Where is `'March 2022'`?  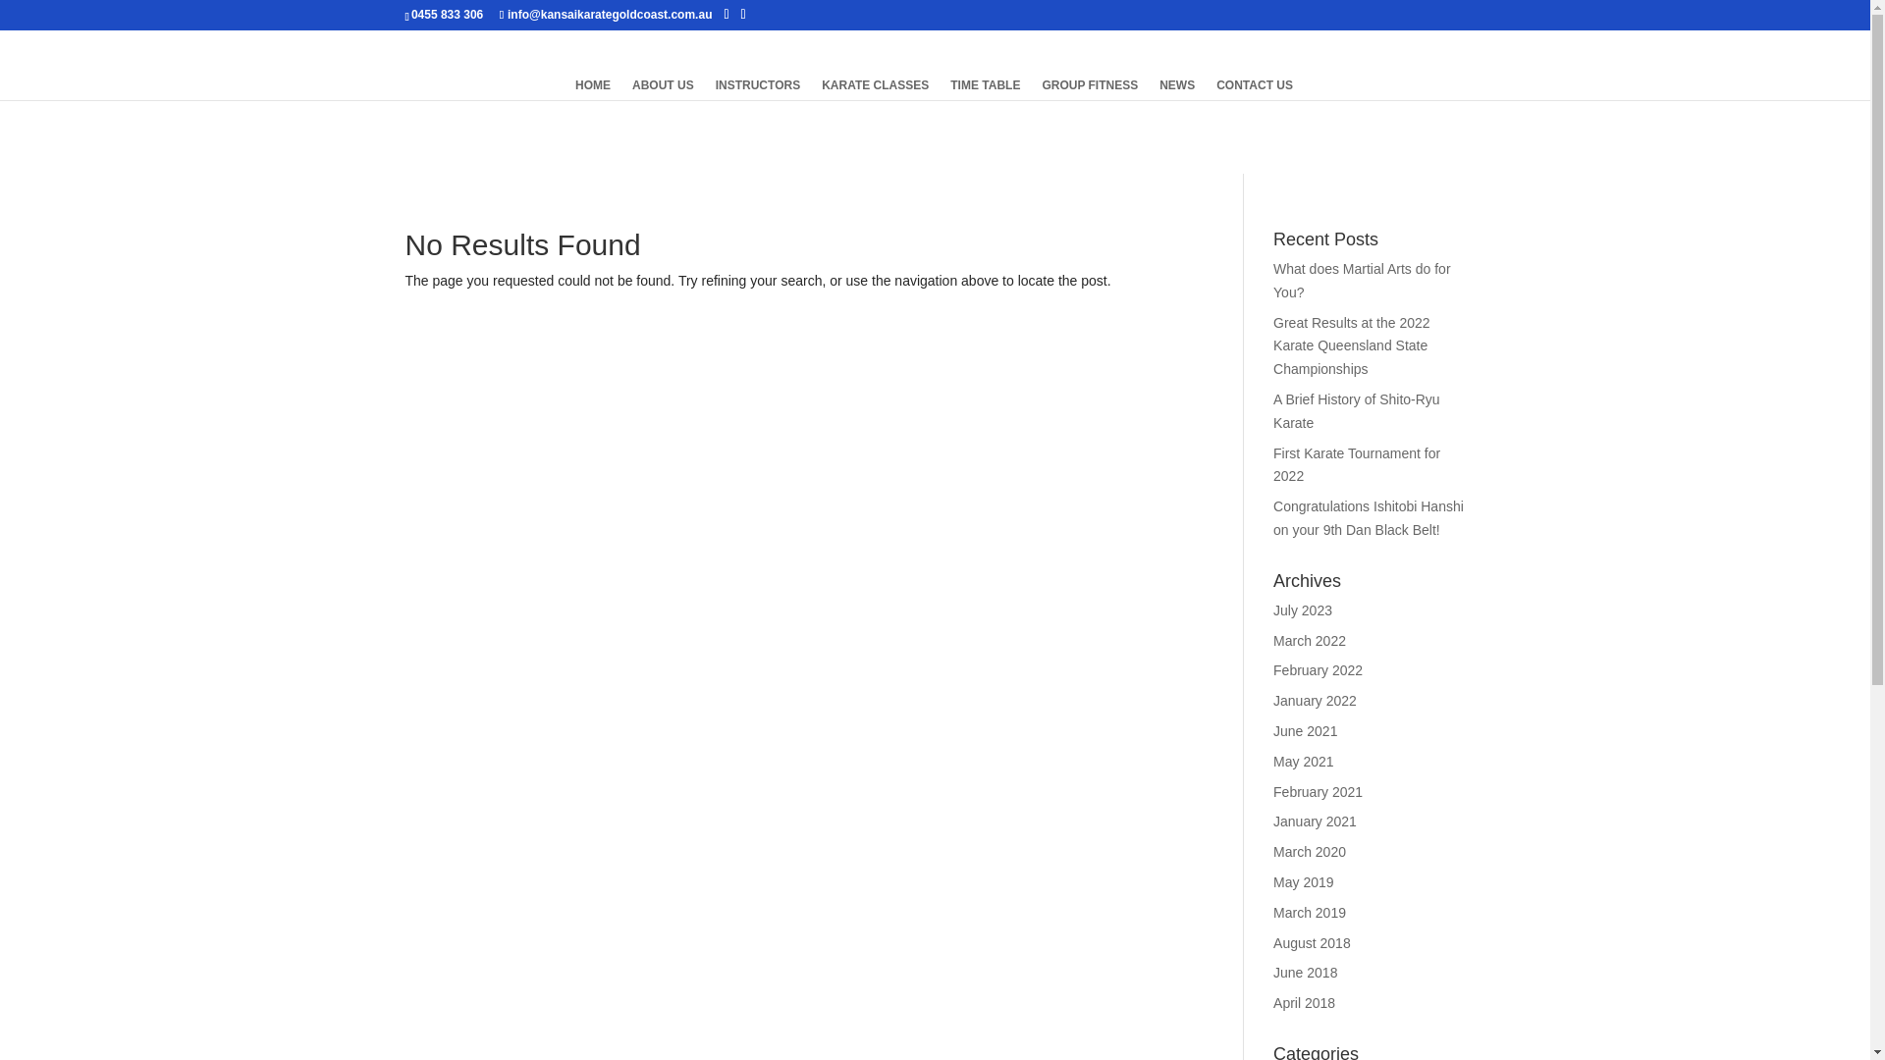 'March 2022' is located at coordinates (1310, 640).